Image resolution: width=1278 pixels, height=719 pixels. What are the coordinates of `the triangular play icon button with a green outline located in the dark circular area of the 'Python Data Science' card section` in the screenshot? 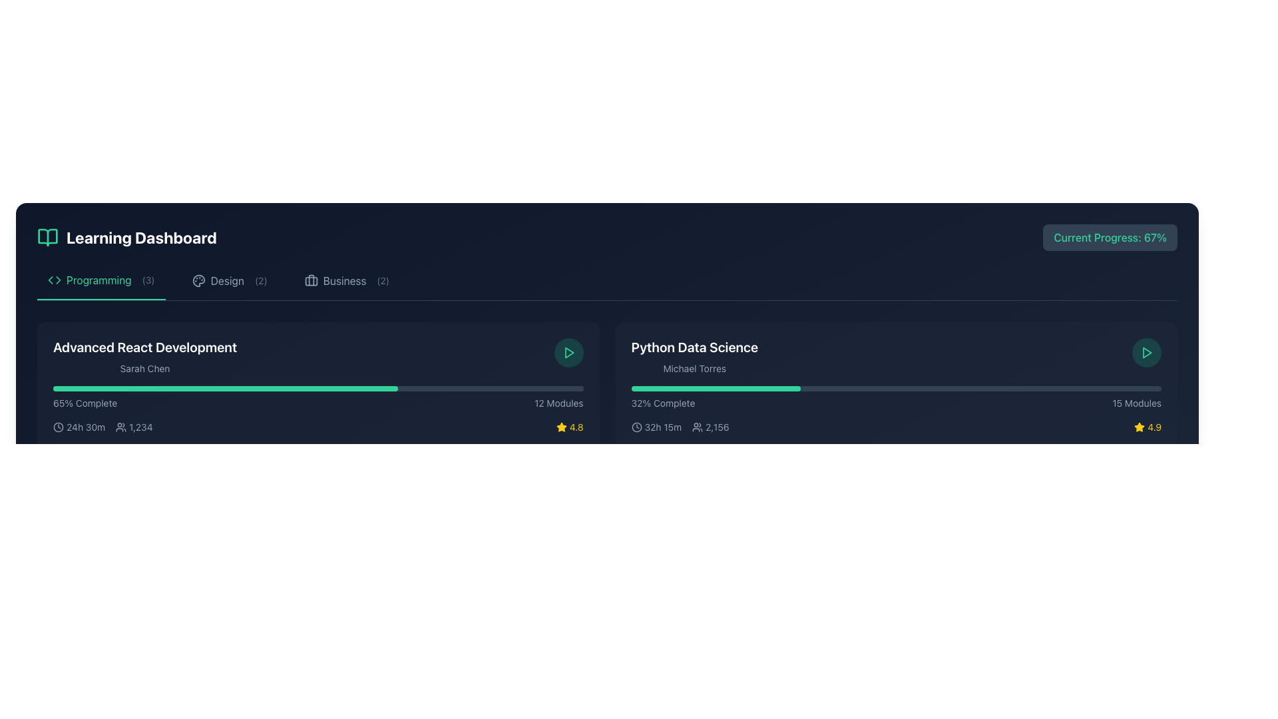 It's located at (568, 352).